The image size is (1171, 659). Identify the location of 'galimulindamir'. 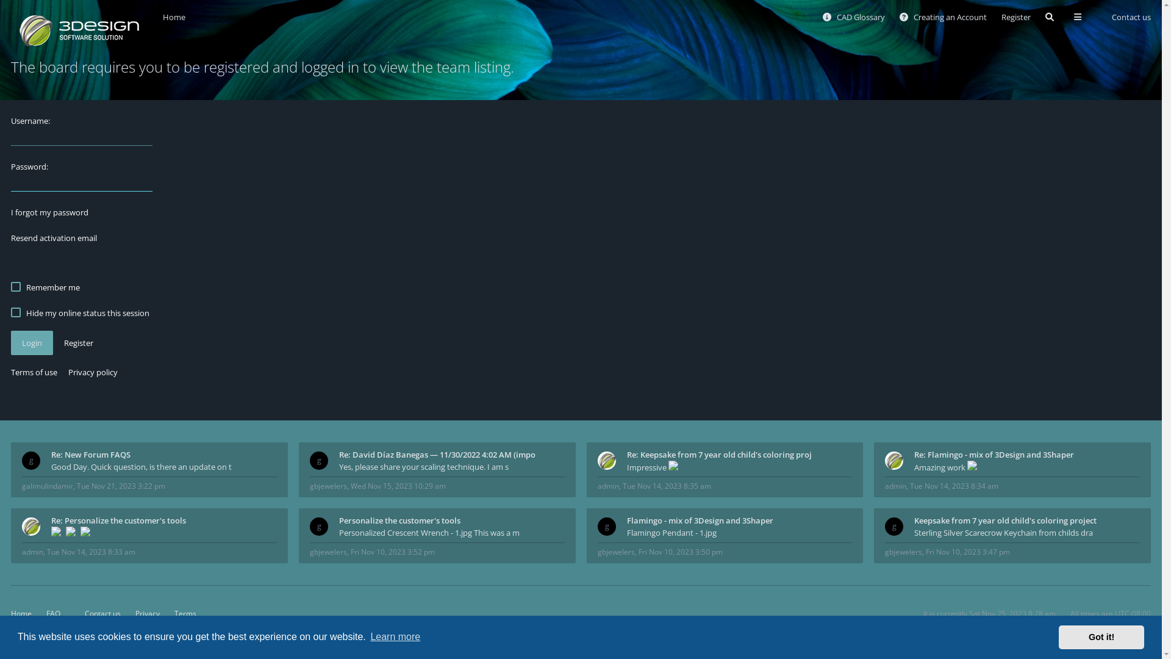
(47, 485).